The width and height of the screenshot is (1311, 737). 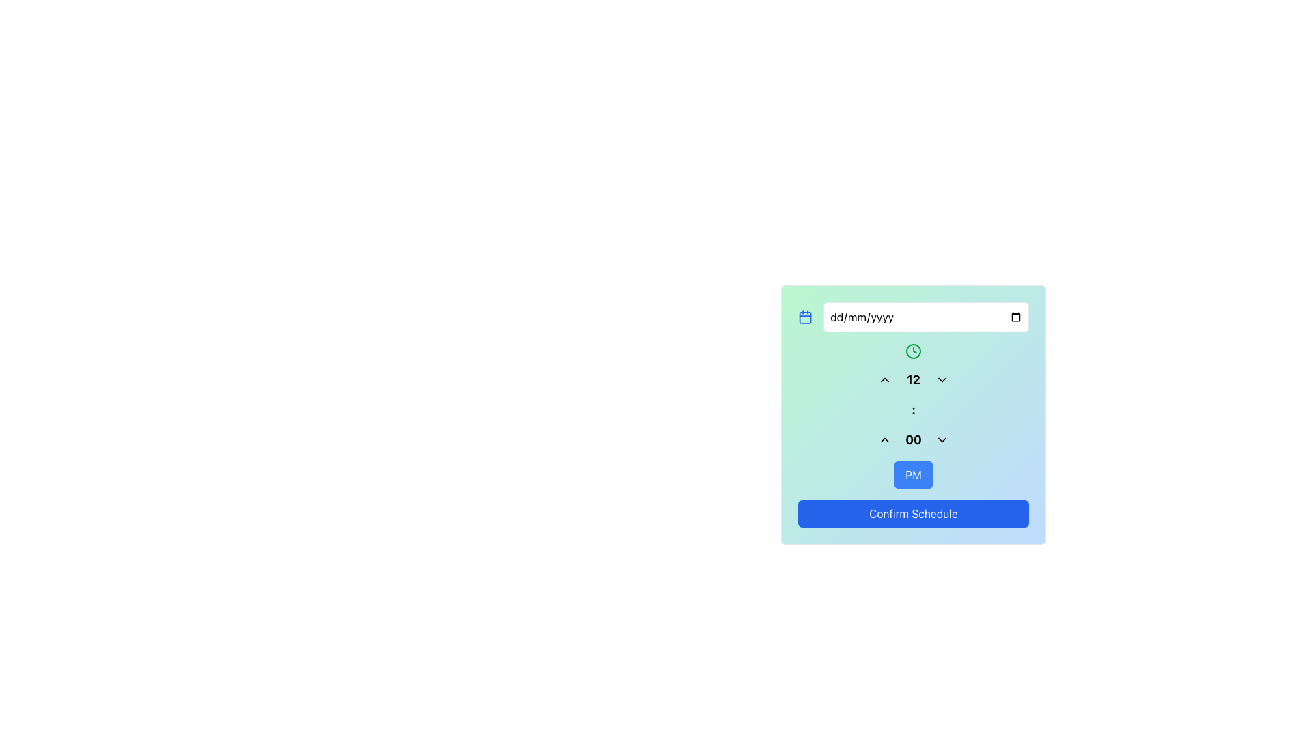 What do you see at coordinates (942, 439) in the screenshot?
I see `the Dropdown trigger icon located on the far-right side next to the text '00'` at bounding box center [942, 439].